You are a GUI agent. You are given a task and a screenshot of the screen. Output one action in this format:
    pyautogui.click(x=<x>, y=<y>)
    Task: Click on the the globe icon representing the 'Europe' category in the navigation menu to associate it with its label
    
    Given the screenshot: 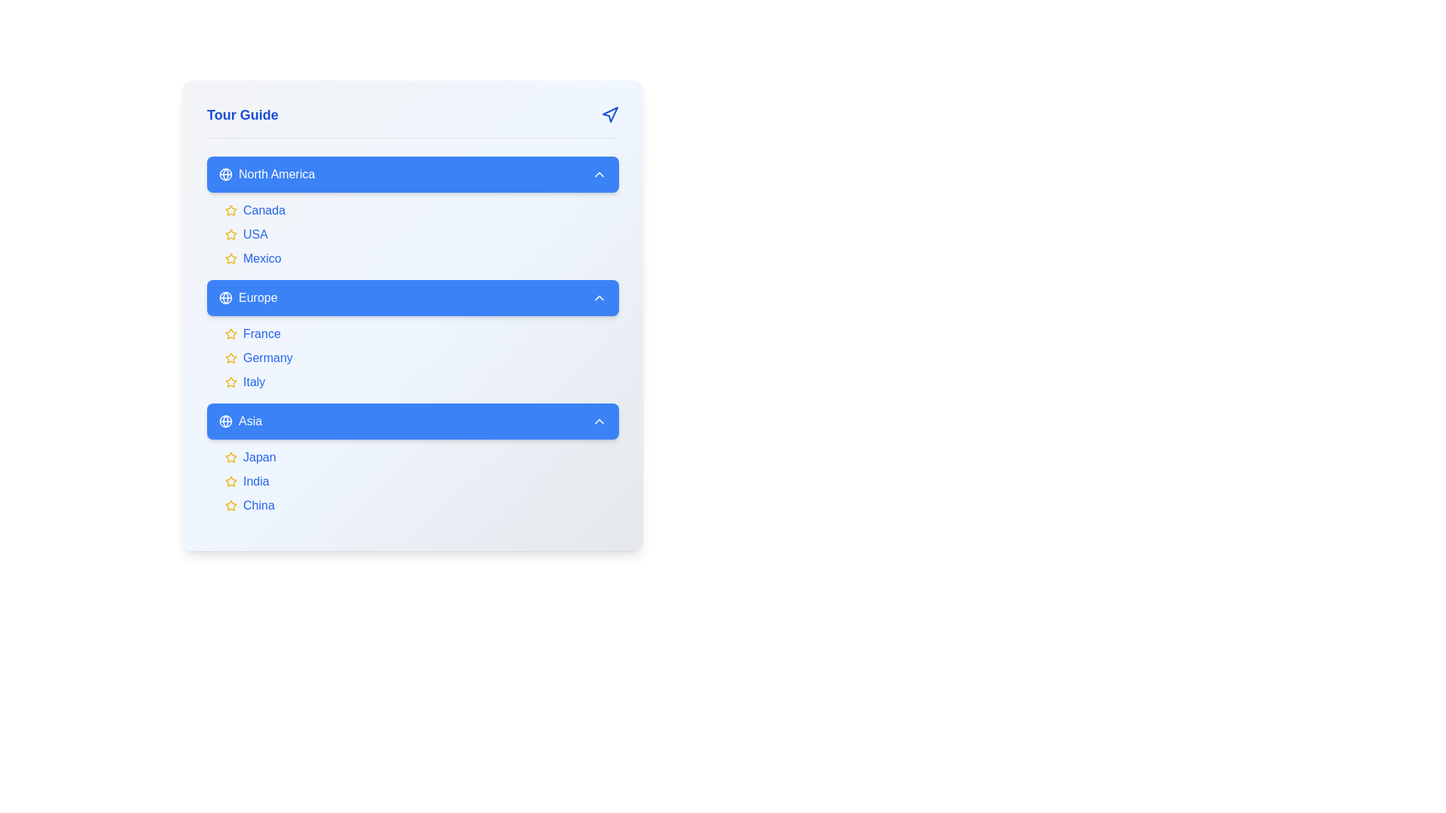 What is the action you would take?
    pyautogui.click(x=224, y=298)
    